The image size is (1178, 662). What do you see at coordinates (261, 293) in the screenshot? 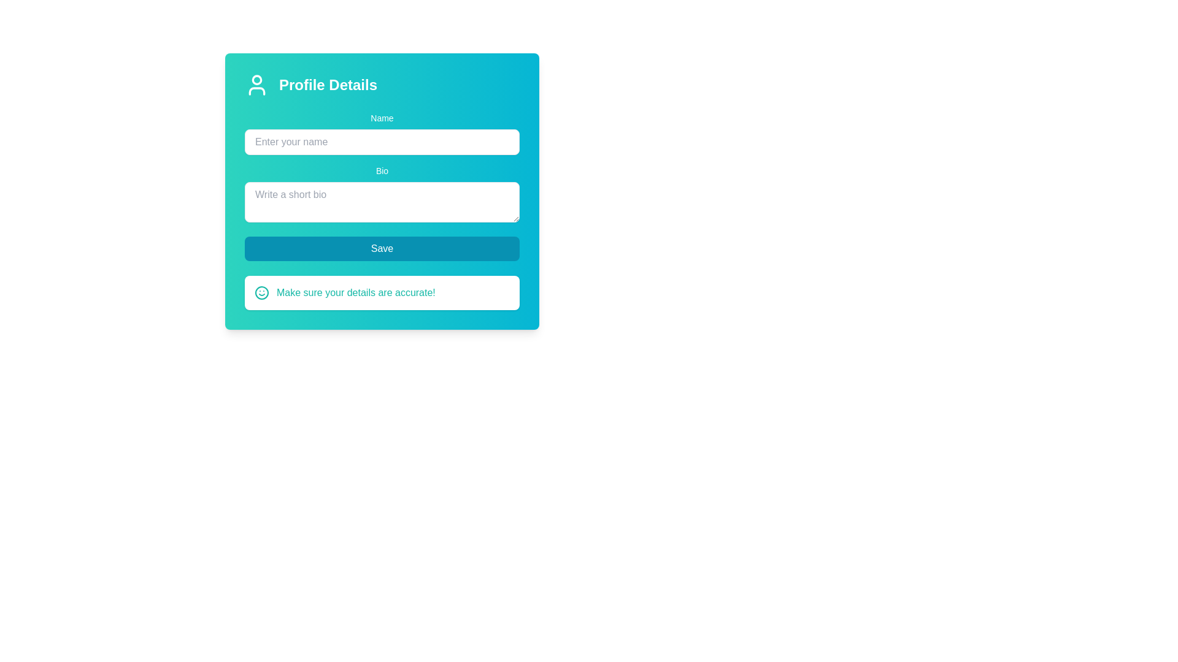
I see `the circular shape that forms the head of the smiley face icon, which is teal in color and has a diameter of 20 pixels` at bounding box center [261, 293].